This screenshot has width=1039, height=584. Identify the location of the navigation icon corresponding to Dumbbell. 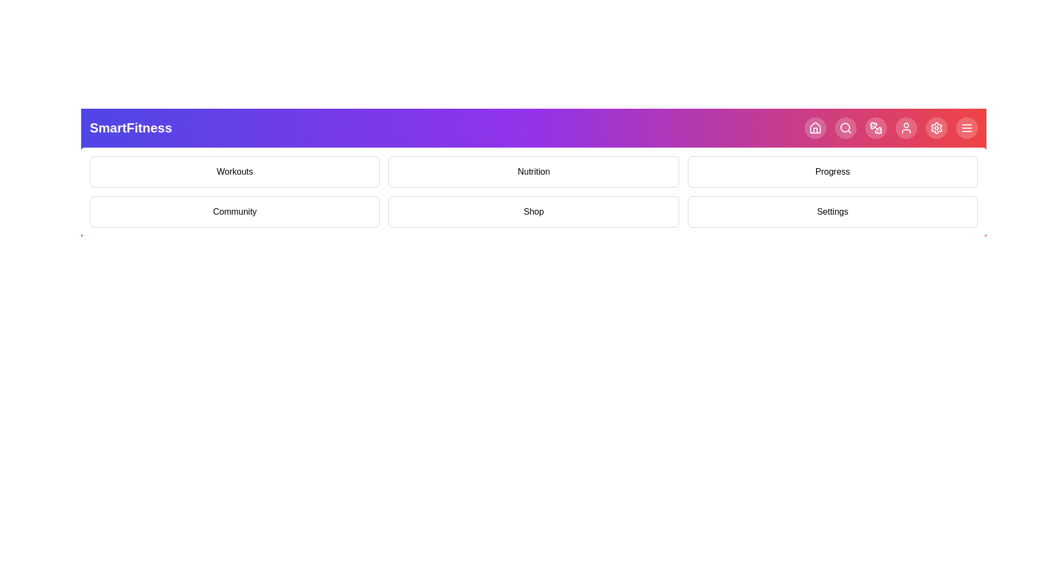
(876, 127).